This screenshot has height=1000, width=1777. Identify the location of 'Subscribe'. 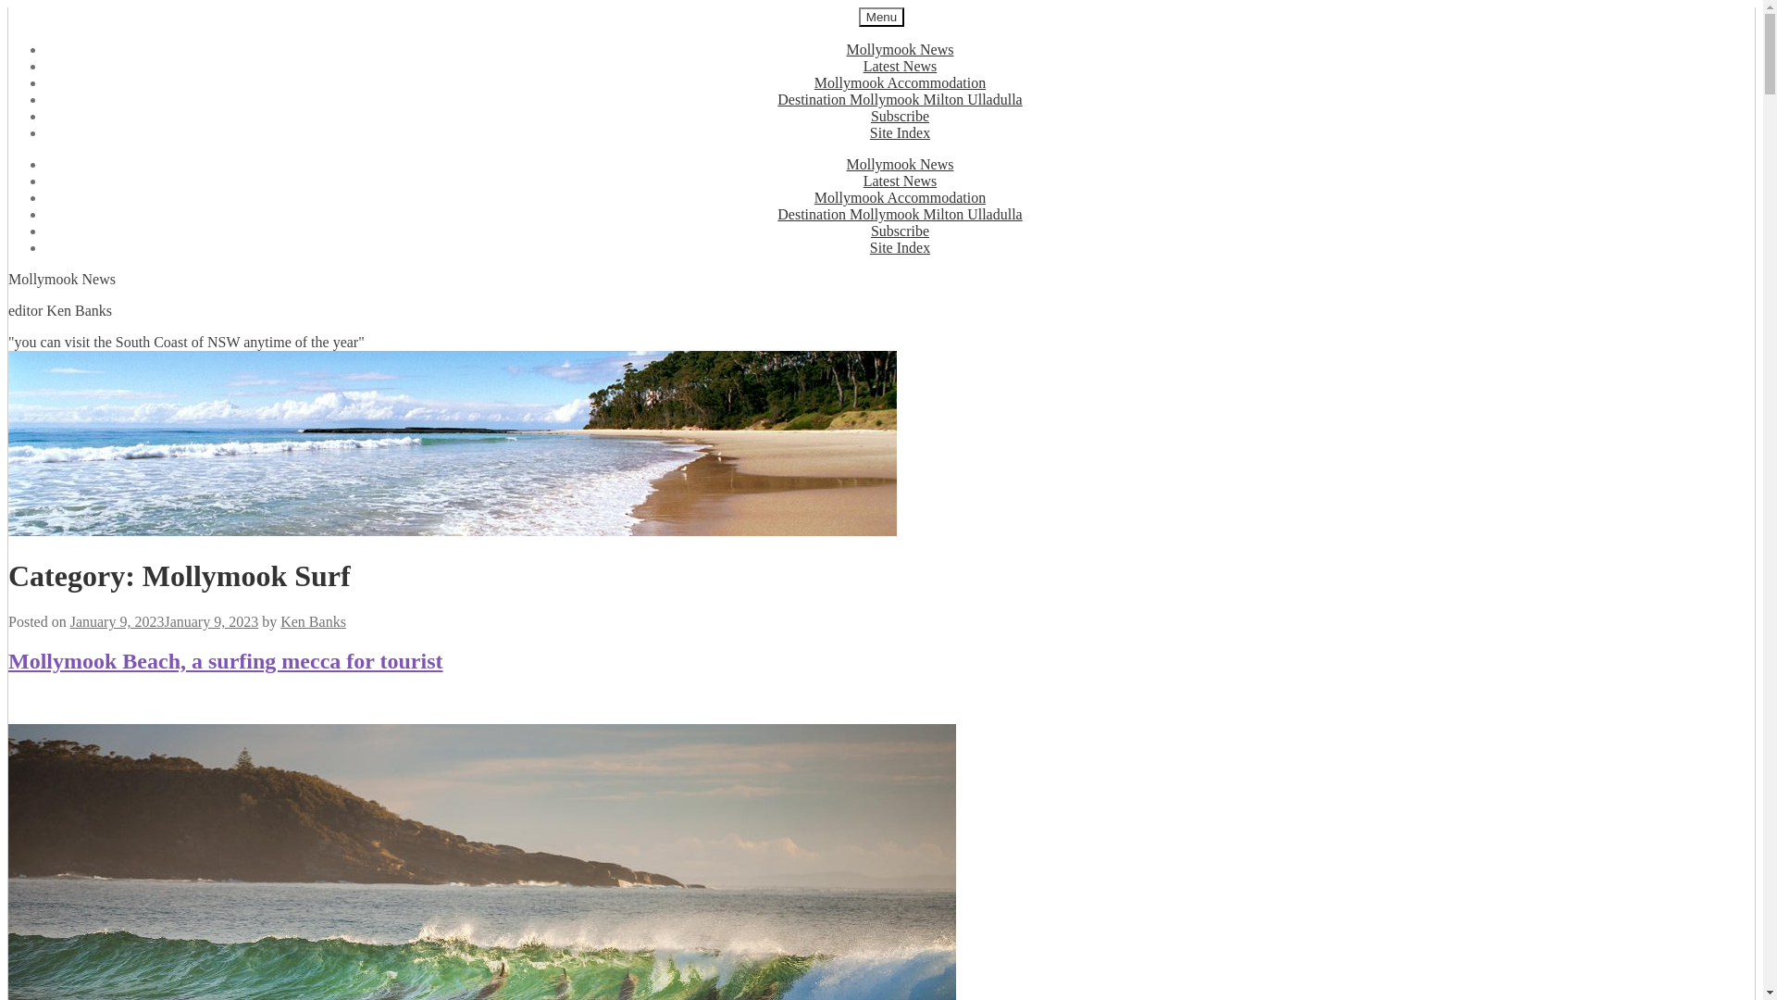
(900, 230).